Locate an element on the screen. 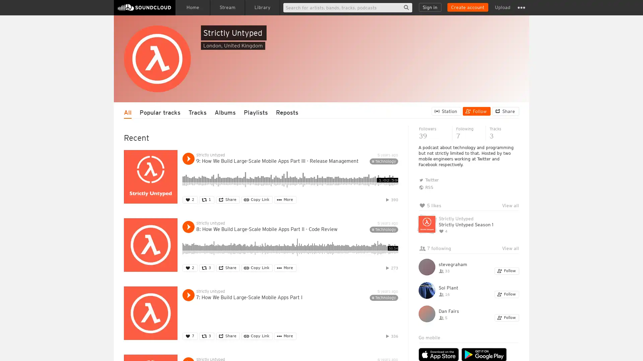 Image resolution: width=643 pixels, height=361 pixels. Like is located at coordinates (190, 199).